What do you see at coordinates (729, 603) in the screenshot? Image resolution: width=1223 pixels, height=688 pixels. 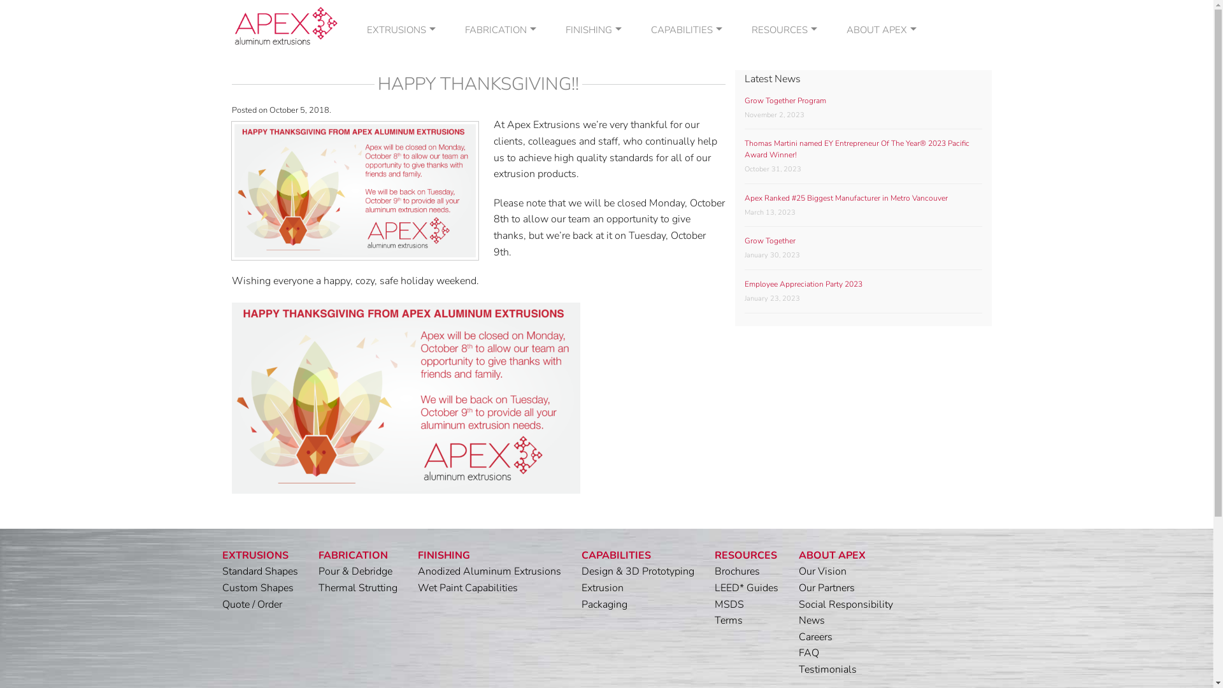 I see `'MSDS'` at bounding box center [729, 603].